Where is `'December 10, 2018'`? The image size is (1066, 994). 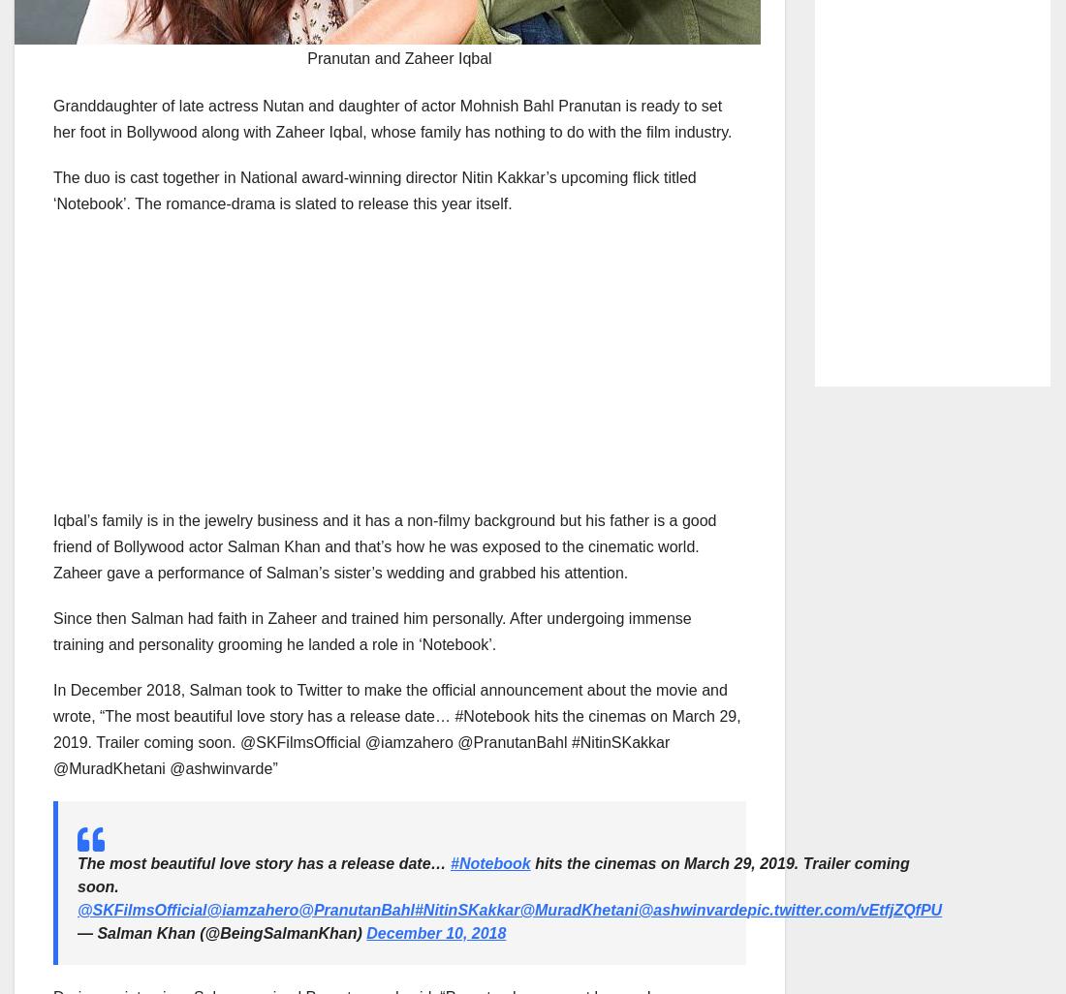 'December 10, 2018' is located at coordinates (435, 932).